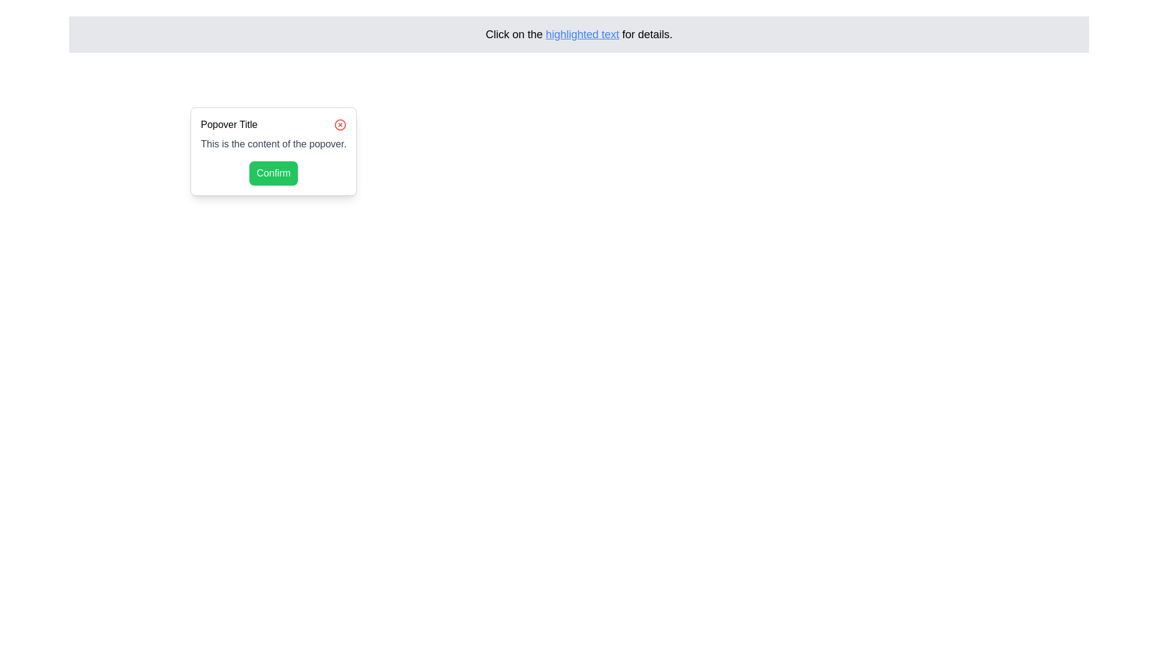 This screenshot has width=1165, height=655. I want to click on the text label that contains the message 'This is the content of the popover.' which is styled with gray font and is centrally aligned within the popover, positioned below the title 'Popover Title' and above the green 'Confirm' button, so click(273, 144).